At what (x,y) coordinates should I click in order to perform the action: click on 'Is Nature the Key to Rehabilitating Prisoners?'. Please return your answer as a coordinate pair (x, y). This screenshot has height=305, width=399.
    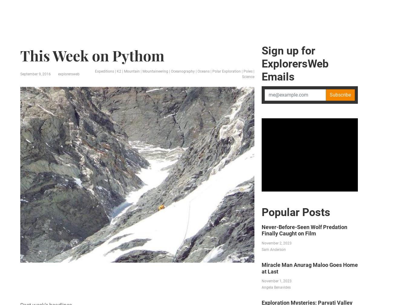
    Looking at the image, I should click on (73, 43).